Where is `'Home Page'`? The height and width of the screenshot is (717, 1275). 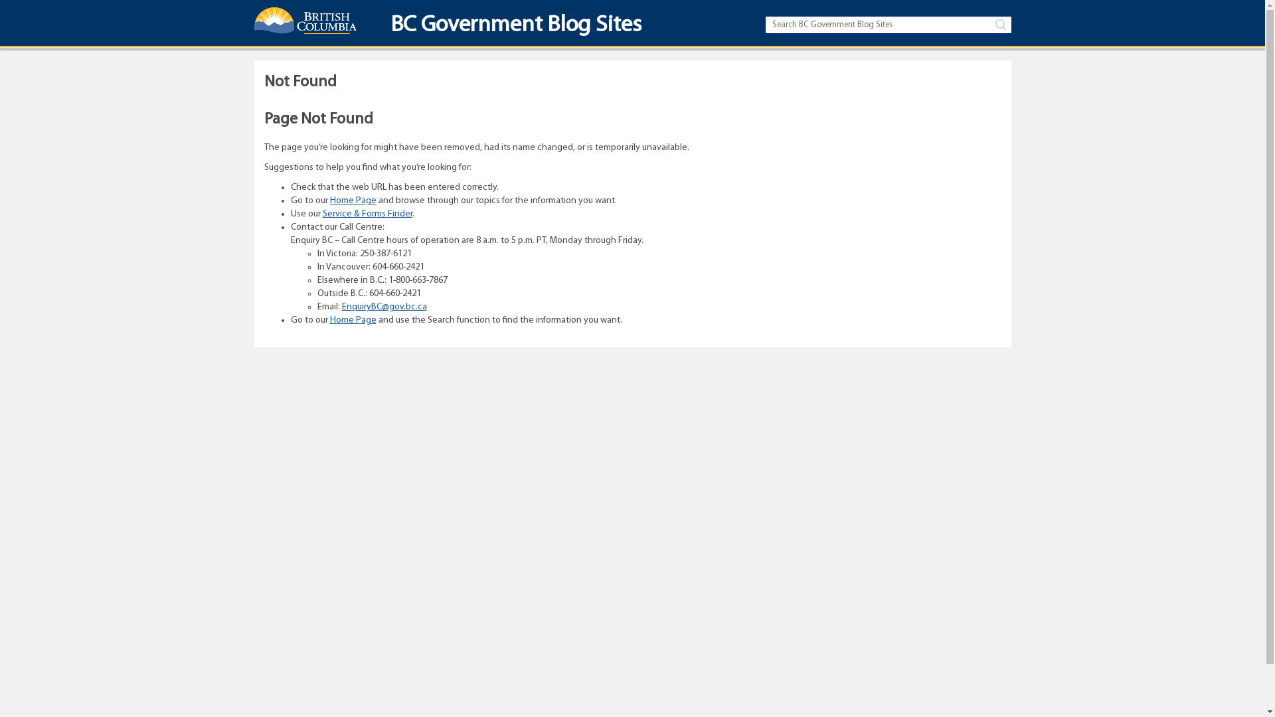 'Home Page' is located at coordinates (353, 320).